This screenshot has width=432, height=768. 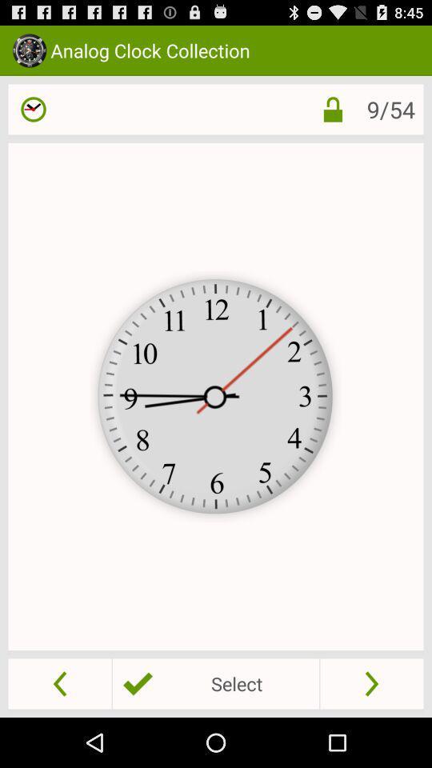 I want to click on lock clock, so click(x=320, y=108).